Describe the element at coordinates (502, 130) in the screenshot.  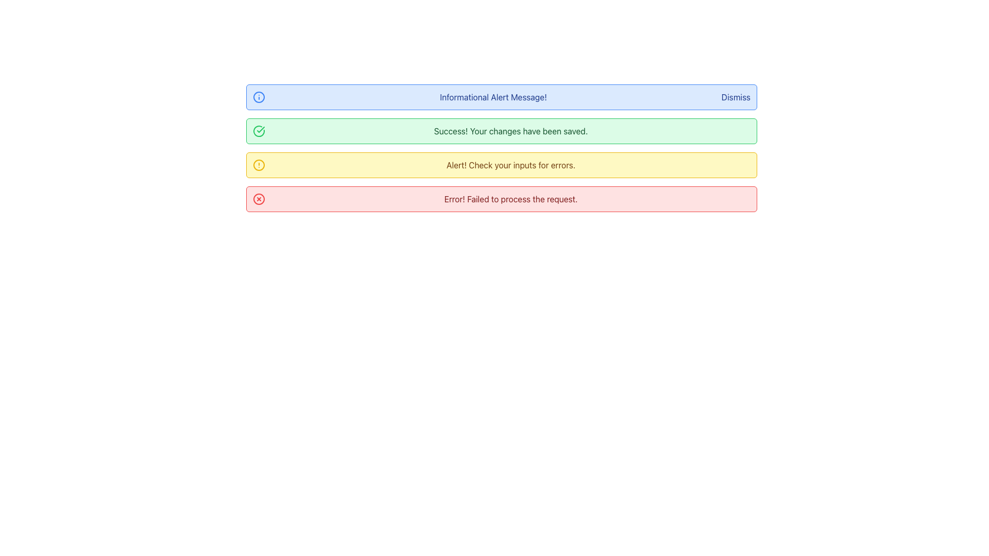
I see `the Notification Banner styled with a green background and rounded corners that contains the success message 'Success! Your changes have been saved.'` at that location.